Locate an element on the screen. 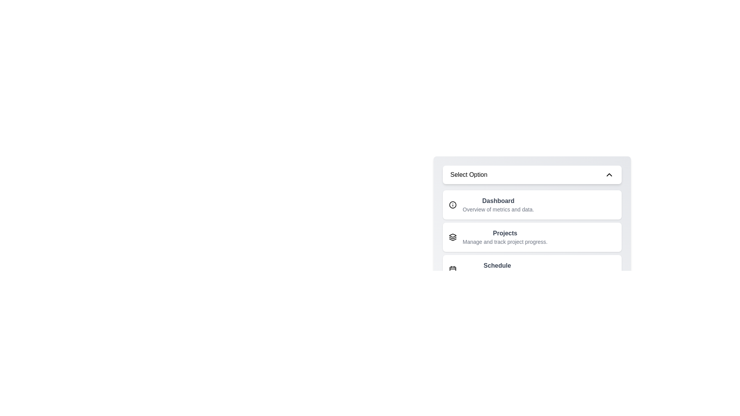 The width and height of the screenshot is (740, 416). the option Dashboard from the dropdown menu is located at coordinates (531, 205).